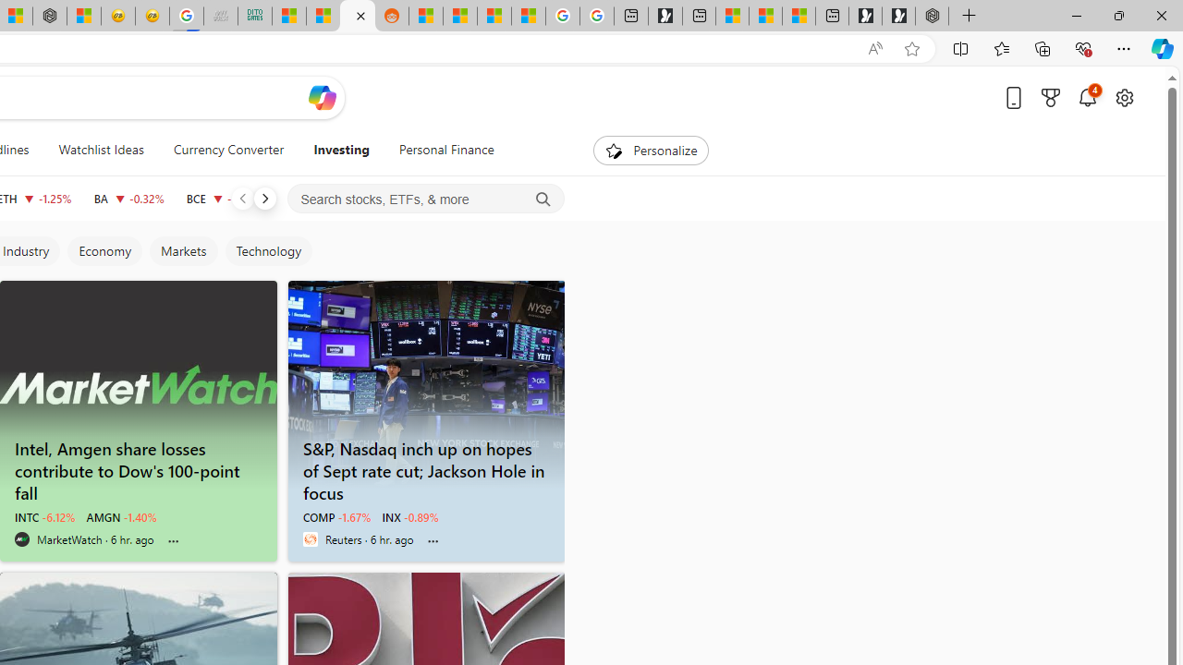 Image resolution: width=1183 pixels, height=665 pixels. I want to click on 'Restore', so click(1117, 15).